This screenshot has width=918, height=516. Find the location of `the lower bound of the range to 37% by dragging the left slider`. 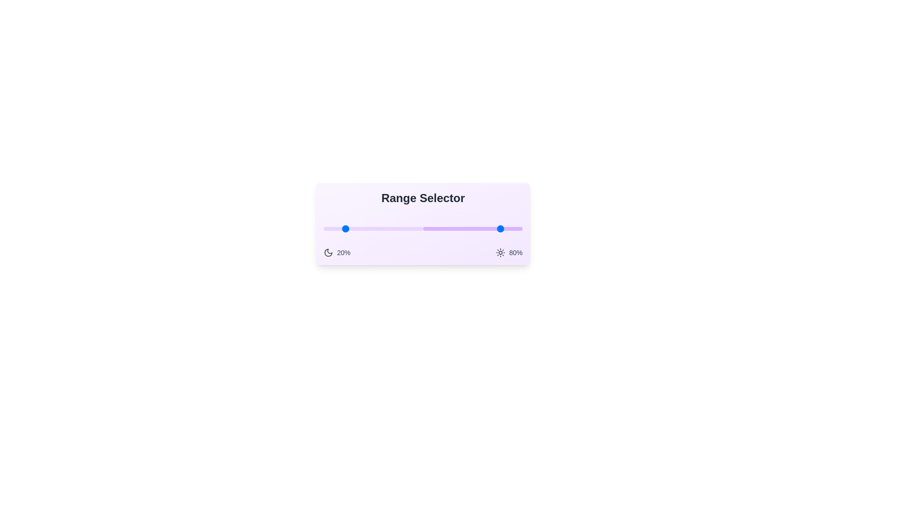

the lower bound of the range to 37% by dragging the left slider is located at coordinates (360, 228).